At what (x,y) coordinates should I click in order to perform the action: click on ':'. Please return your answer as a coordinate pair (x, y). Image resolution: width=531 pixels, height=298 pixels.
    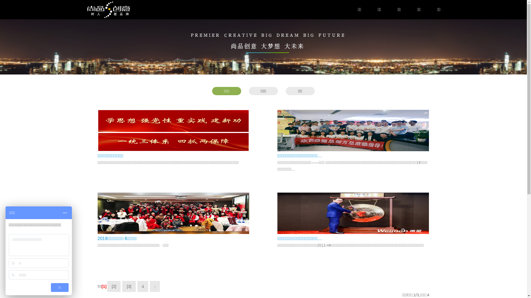
    Looking at the image, I should click on (155, 286).